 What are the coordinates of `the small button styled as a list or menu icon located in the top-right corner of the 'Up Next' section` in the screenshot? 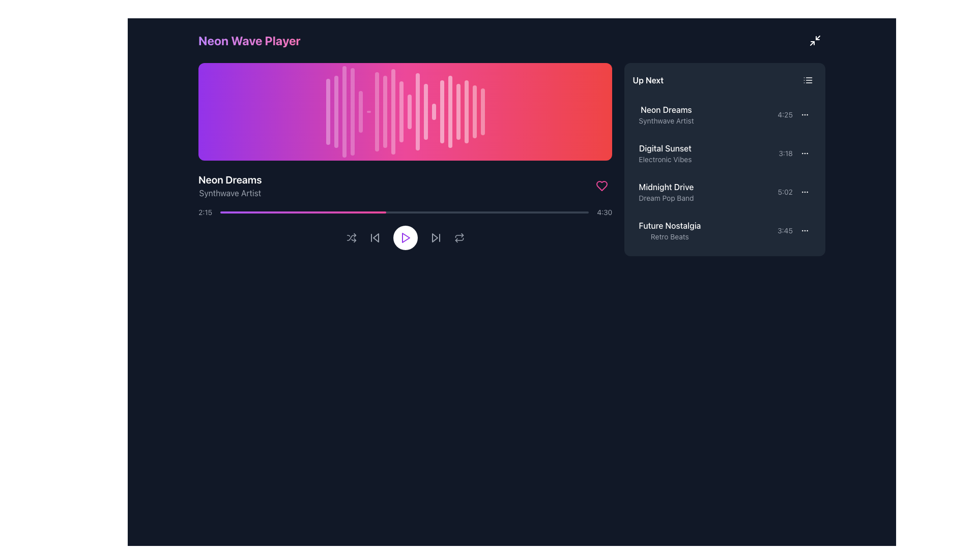 It's located at (808, 80).